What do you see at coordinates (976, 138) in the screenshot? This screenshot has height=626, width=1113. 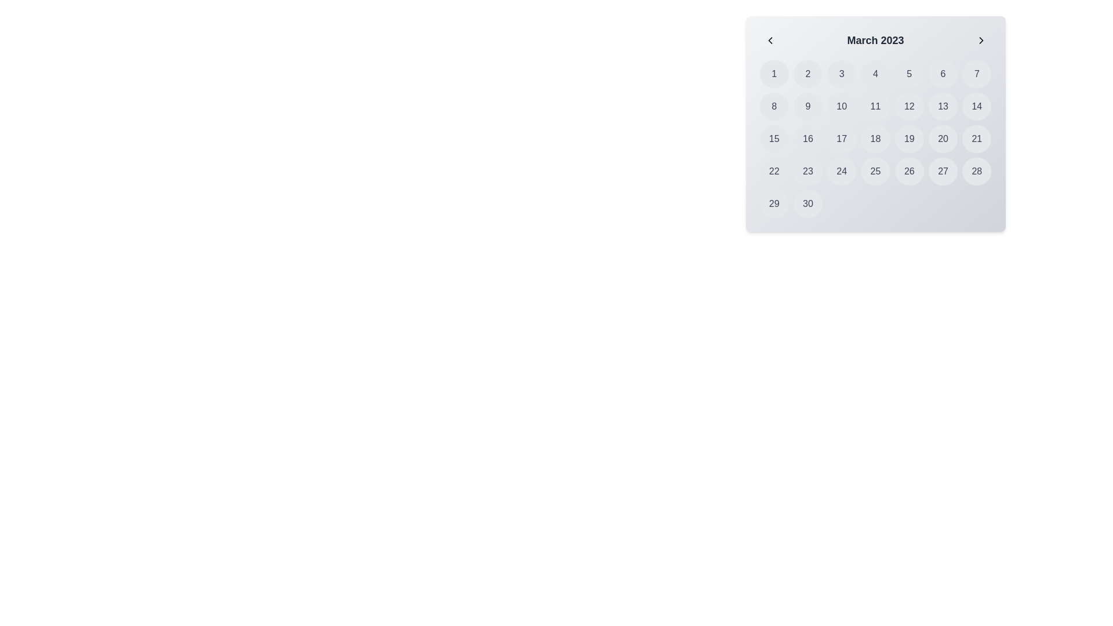 I see `the button representing the 21st day of the month in the calendar` at bounding box center [976, 138].